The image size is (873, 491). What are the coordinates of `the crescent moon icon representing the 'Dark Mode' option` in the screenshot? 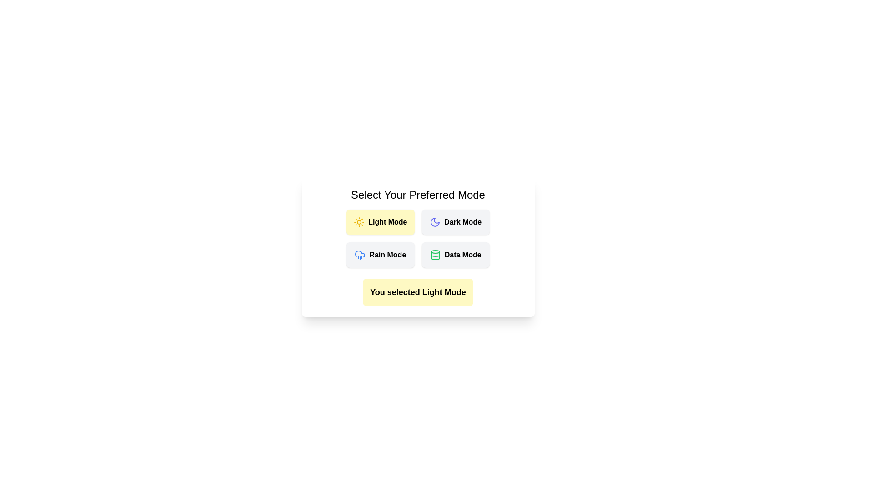 It's located at (435, 222).